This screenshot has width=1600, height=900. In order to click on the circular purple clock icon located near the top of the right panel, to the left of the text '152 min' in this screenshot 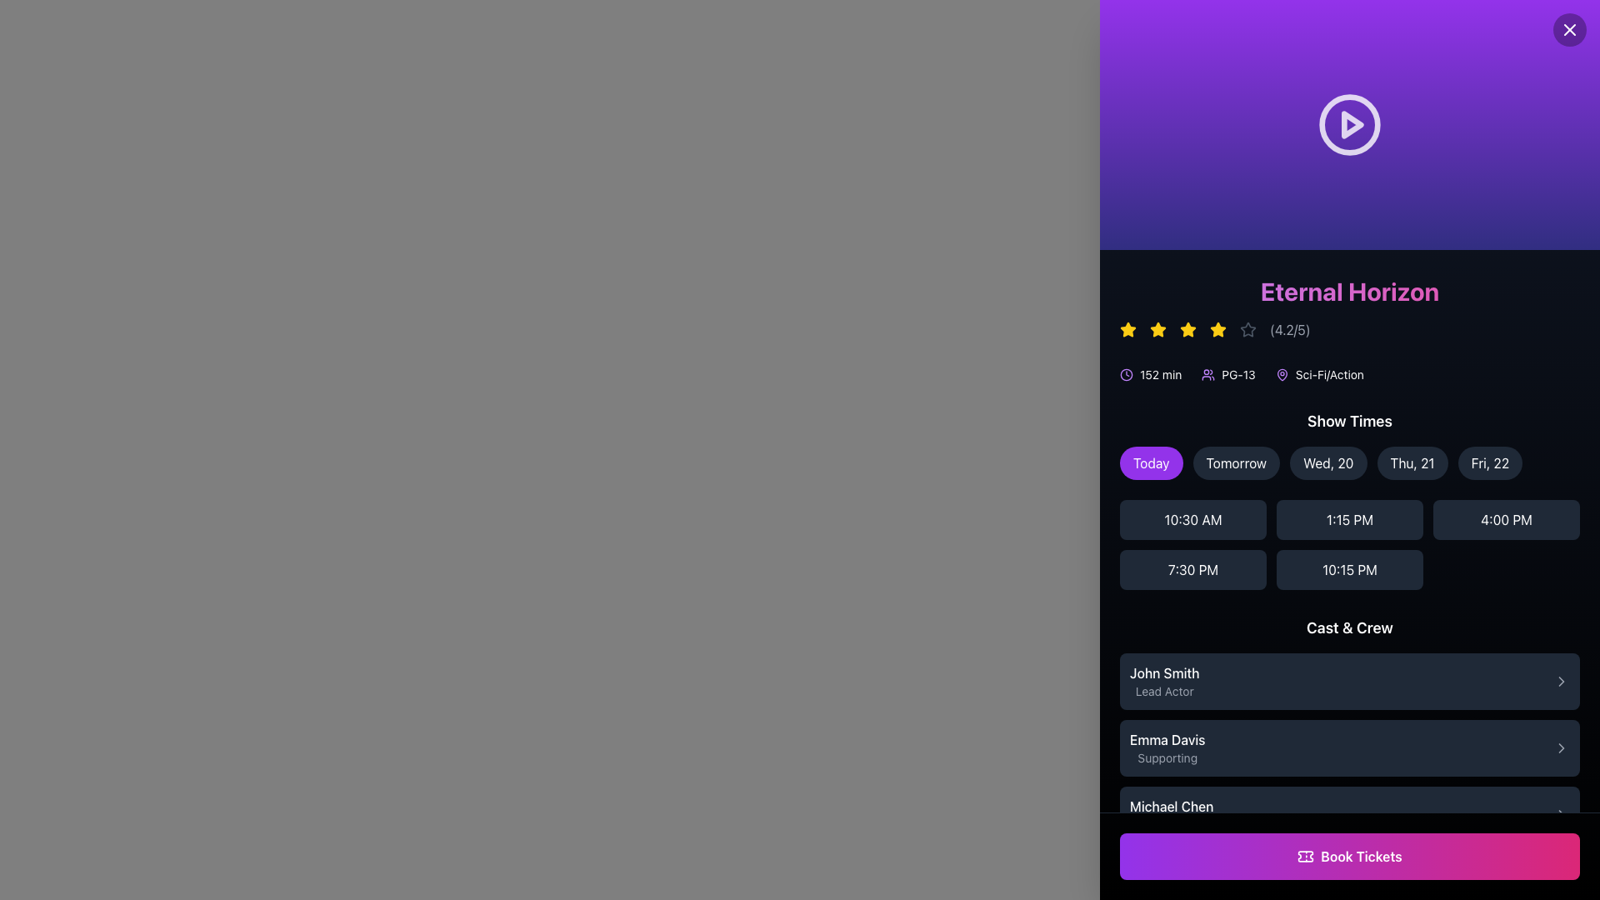, I will do `click(1127, 375)`.